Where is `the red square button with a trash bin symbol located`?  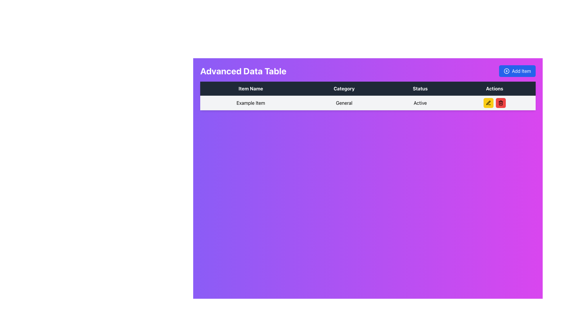 the red square button with a trash bin symbol located is located at coordinates (500, 102).